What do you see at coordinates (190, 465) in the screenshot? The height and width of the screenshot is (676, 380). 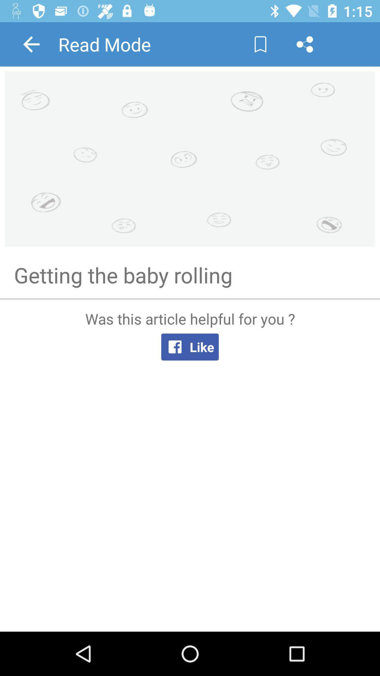 I see `like the article` at bounding box center [190, 465].